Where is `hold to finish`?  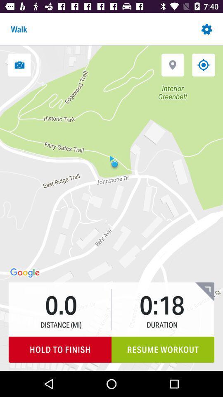 hold to finish is located at coordinates (59, 349).